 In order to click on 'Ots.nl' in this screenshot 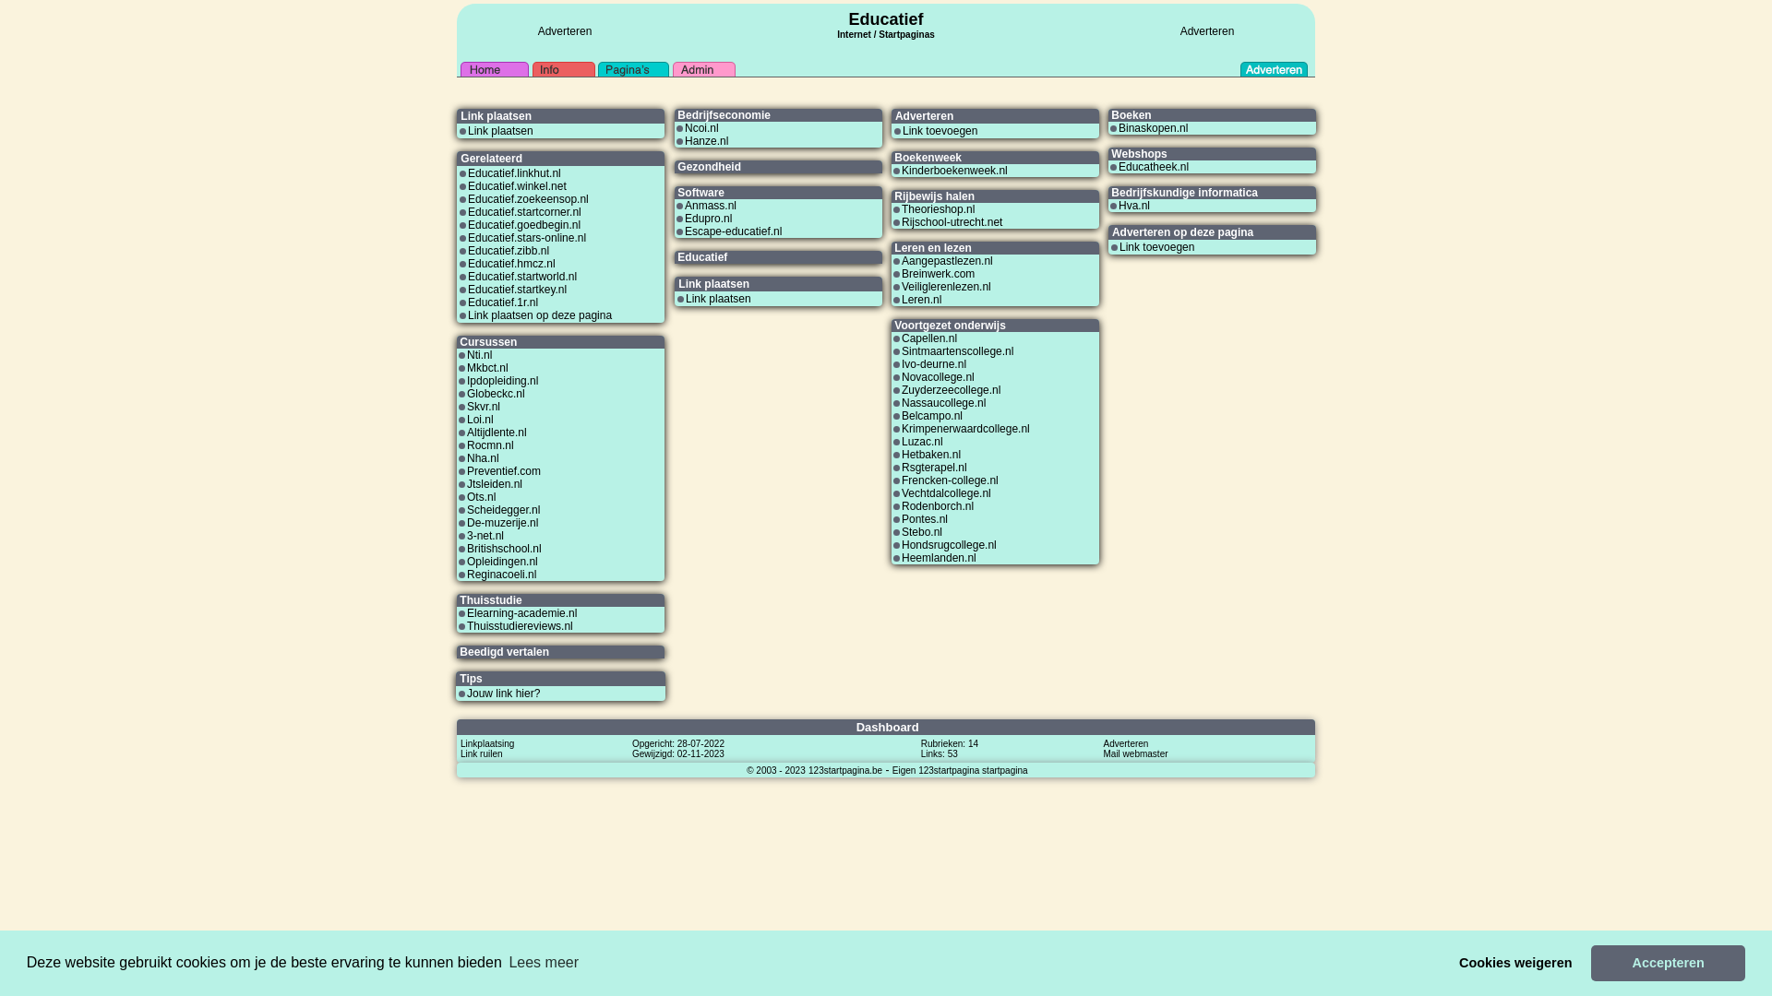, I will do `click(481, 496)`.